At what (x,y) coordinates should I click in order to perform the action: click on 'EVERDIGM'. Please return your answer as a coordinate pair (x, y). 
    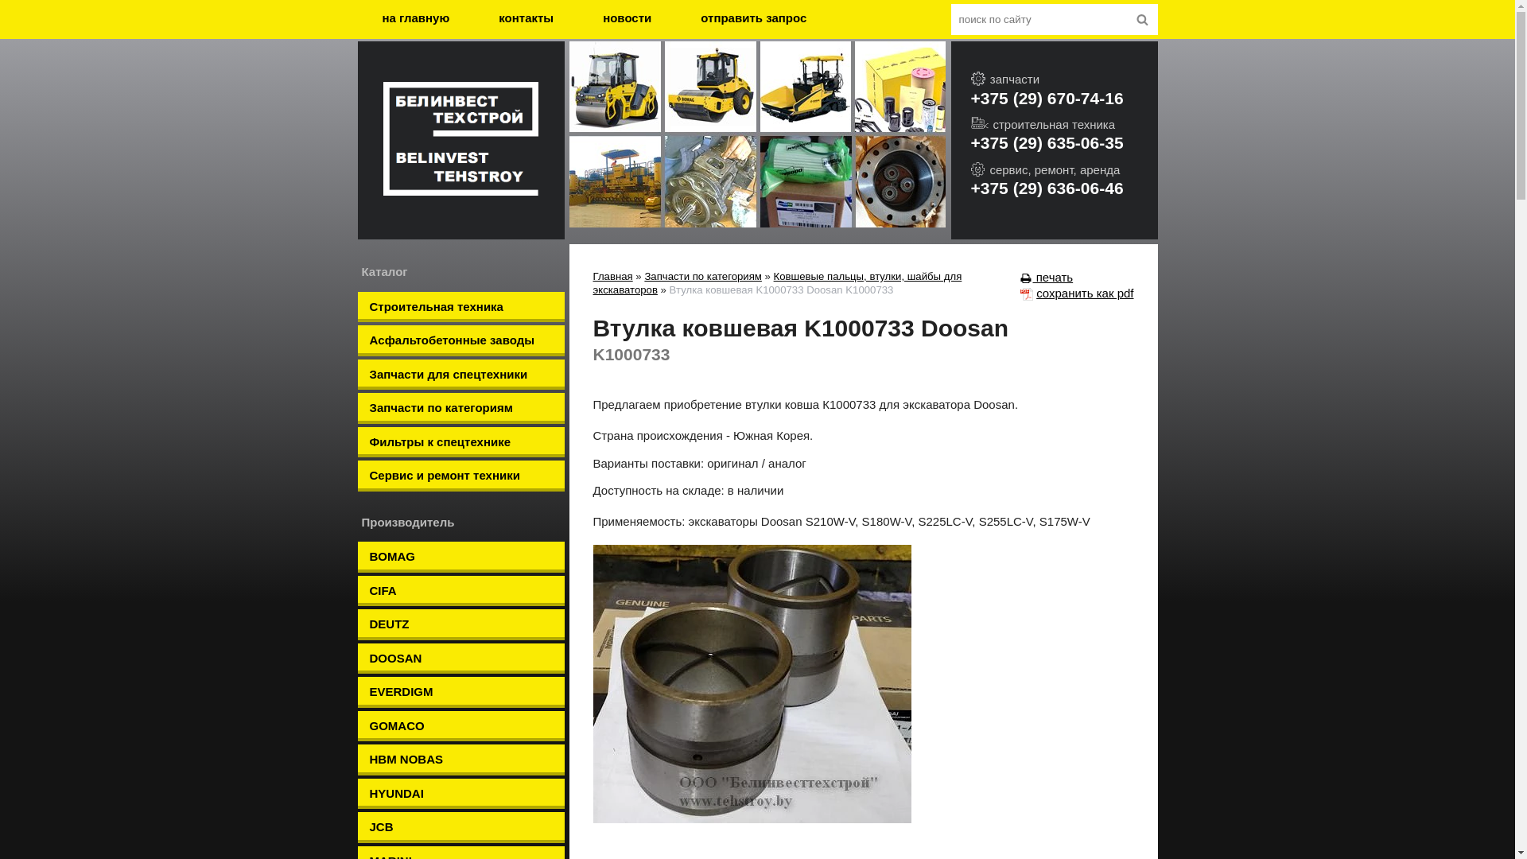
    Looking at the image, I should click on (460, 691).